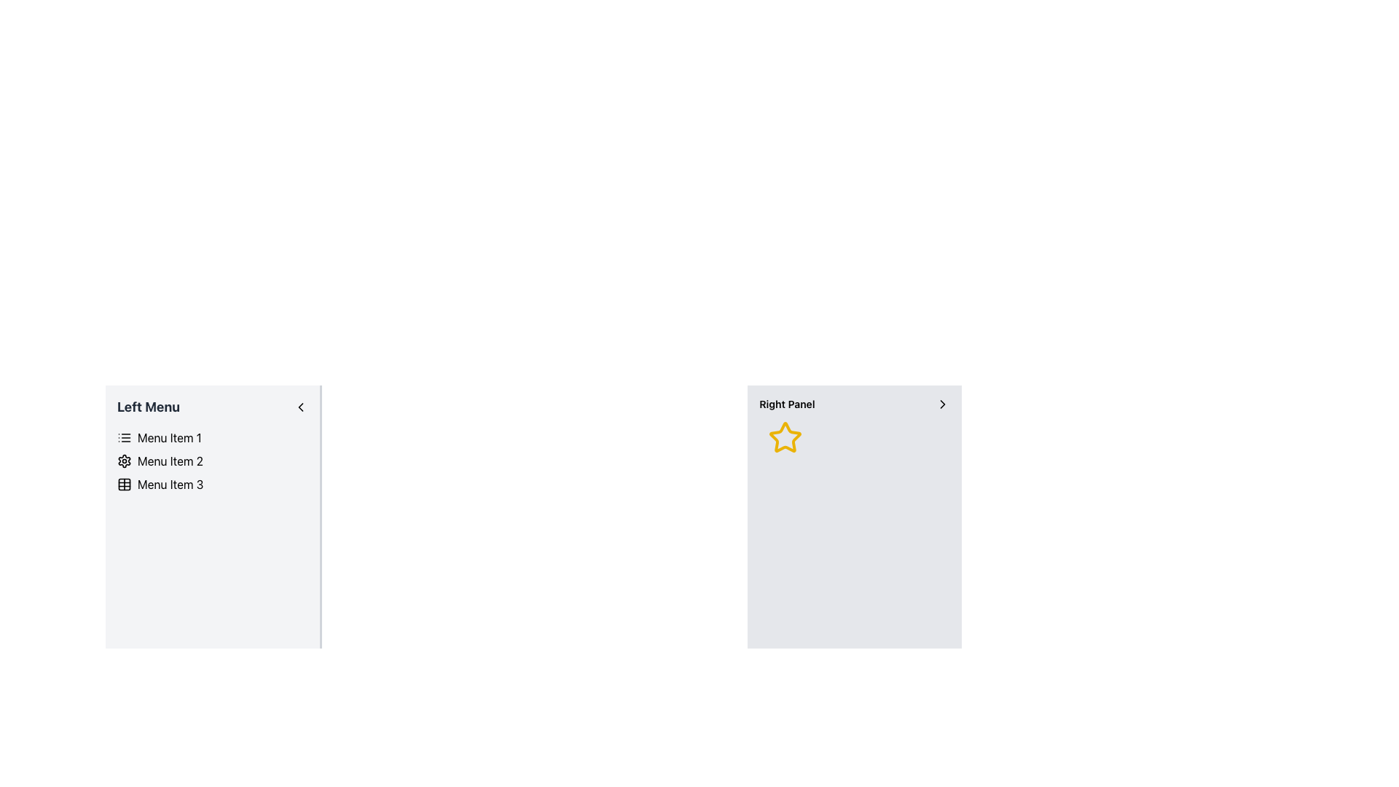 The height and width of the screenshot is (787, 1399). What do you see at coordinates (299, 407) in the screenshot?
I see `the left-pointing chevron icon in the top-right corner of the 'Left Menu' section` at bounding box center [299, 407].